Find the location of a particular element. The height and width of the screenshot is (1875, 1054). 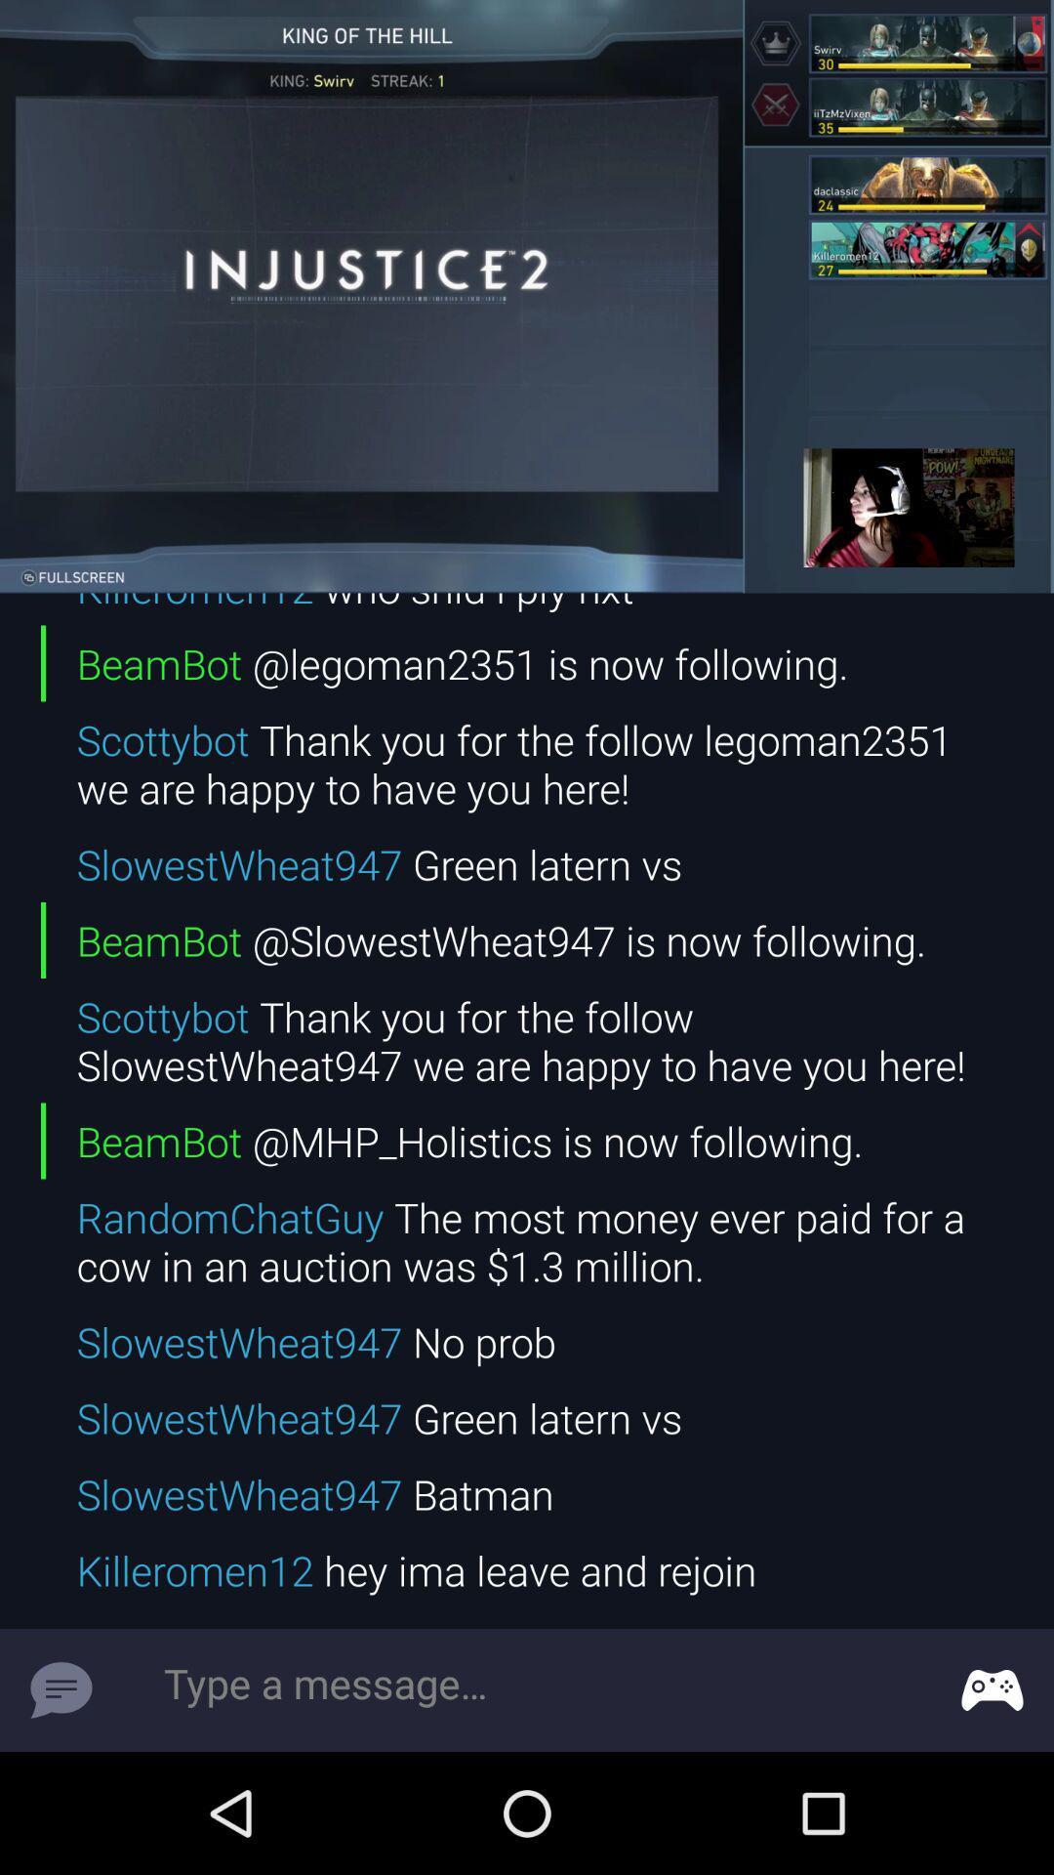

the chat icon is located at coordinates (993, 1689).